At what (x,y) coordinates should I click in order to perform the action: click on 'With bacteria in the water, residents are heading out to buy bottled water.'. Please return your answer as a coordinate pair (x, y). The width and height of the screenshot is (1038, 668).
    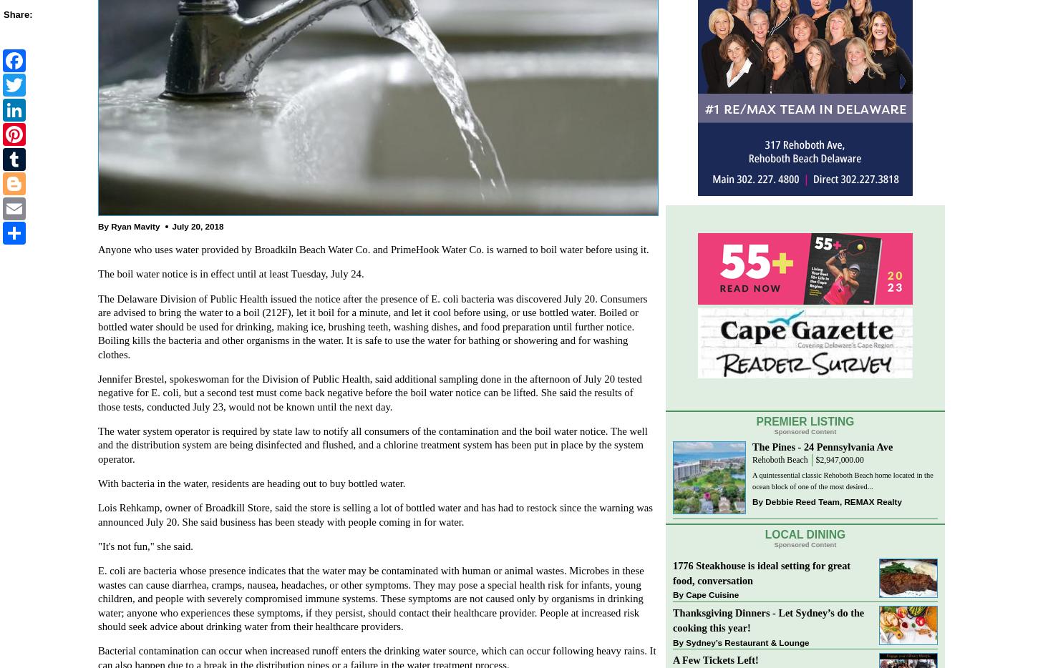
    Looking at the image, I should click on (251, 483).